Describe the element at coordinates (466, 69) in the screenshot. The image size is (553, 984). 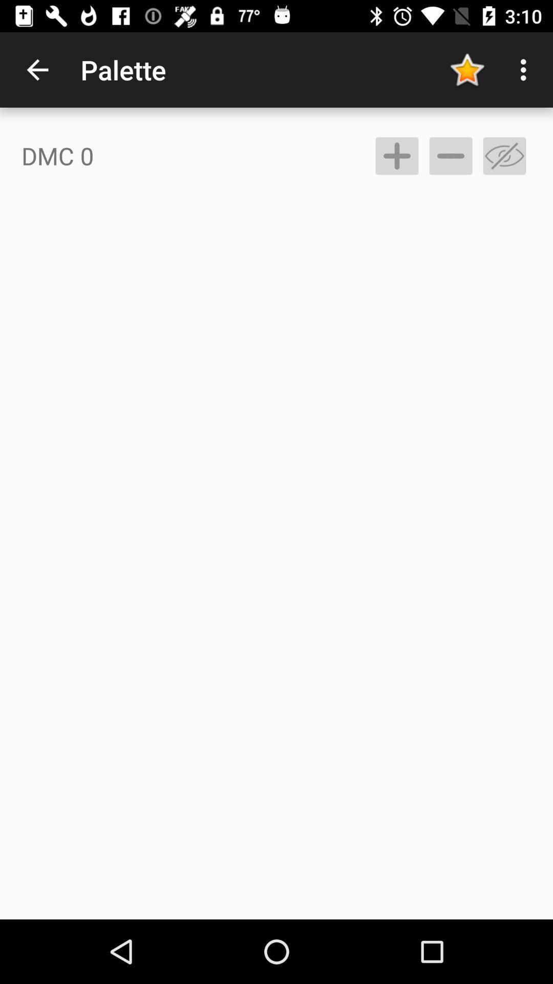
I see `app to the right of the palette item` at that location.